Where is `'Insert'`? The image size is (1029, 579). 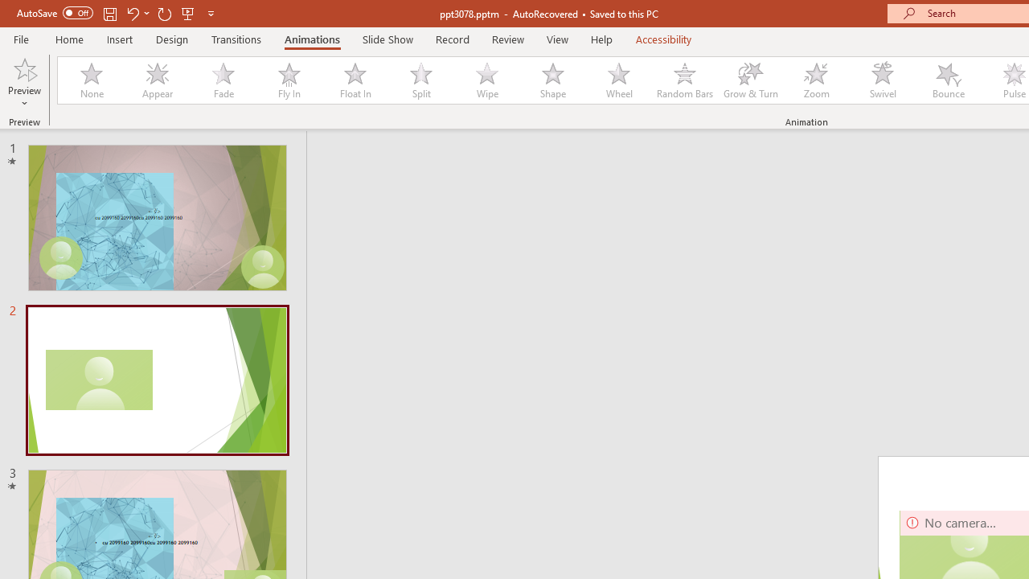 'Insert' is located at coordinates (119, 39).